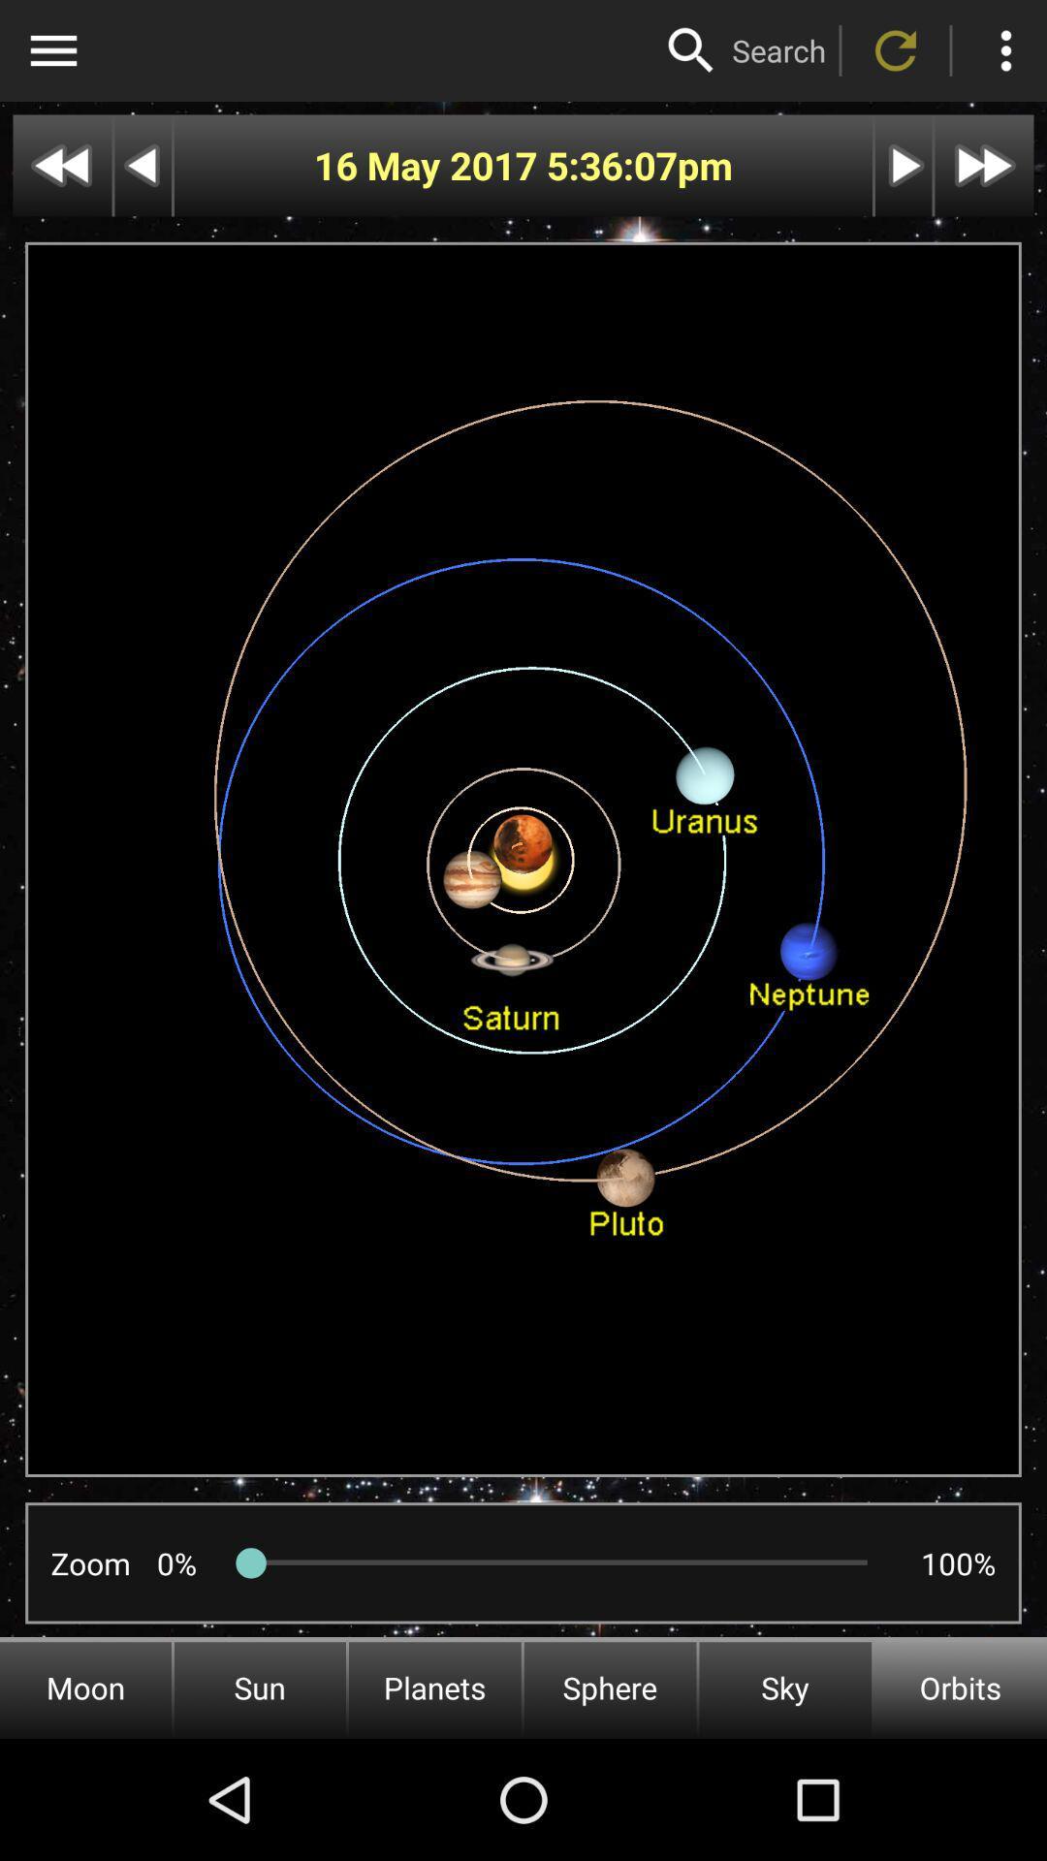  Describe the element at coordinates (612, 166) in the screenshot. I see `icon to the right of the 16 may 2017` at that location.